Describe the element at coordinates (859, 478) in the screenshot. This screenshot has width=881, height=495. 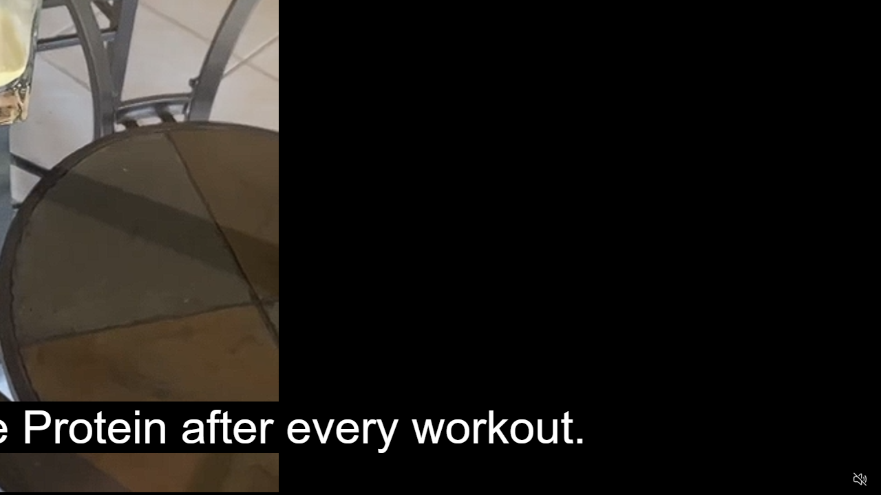
I see `'Unmute'` at that location.